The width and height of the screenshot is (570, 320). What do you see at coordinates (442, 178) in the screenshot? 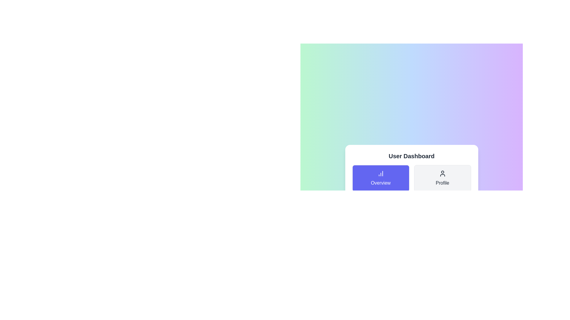
I see `the tab named Profile by clicking on its button` at bounding box center [442, 178].